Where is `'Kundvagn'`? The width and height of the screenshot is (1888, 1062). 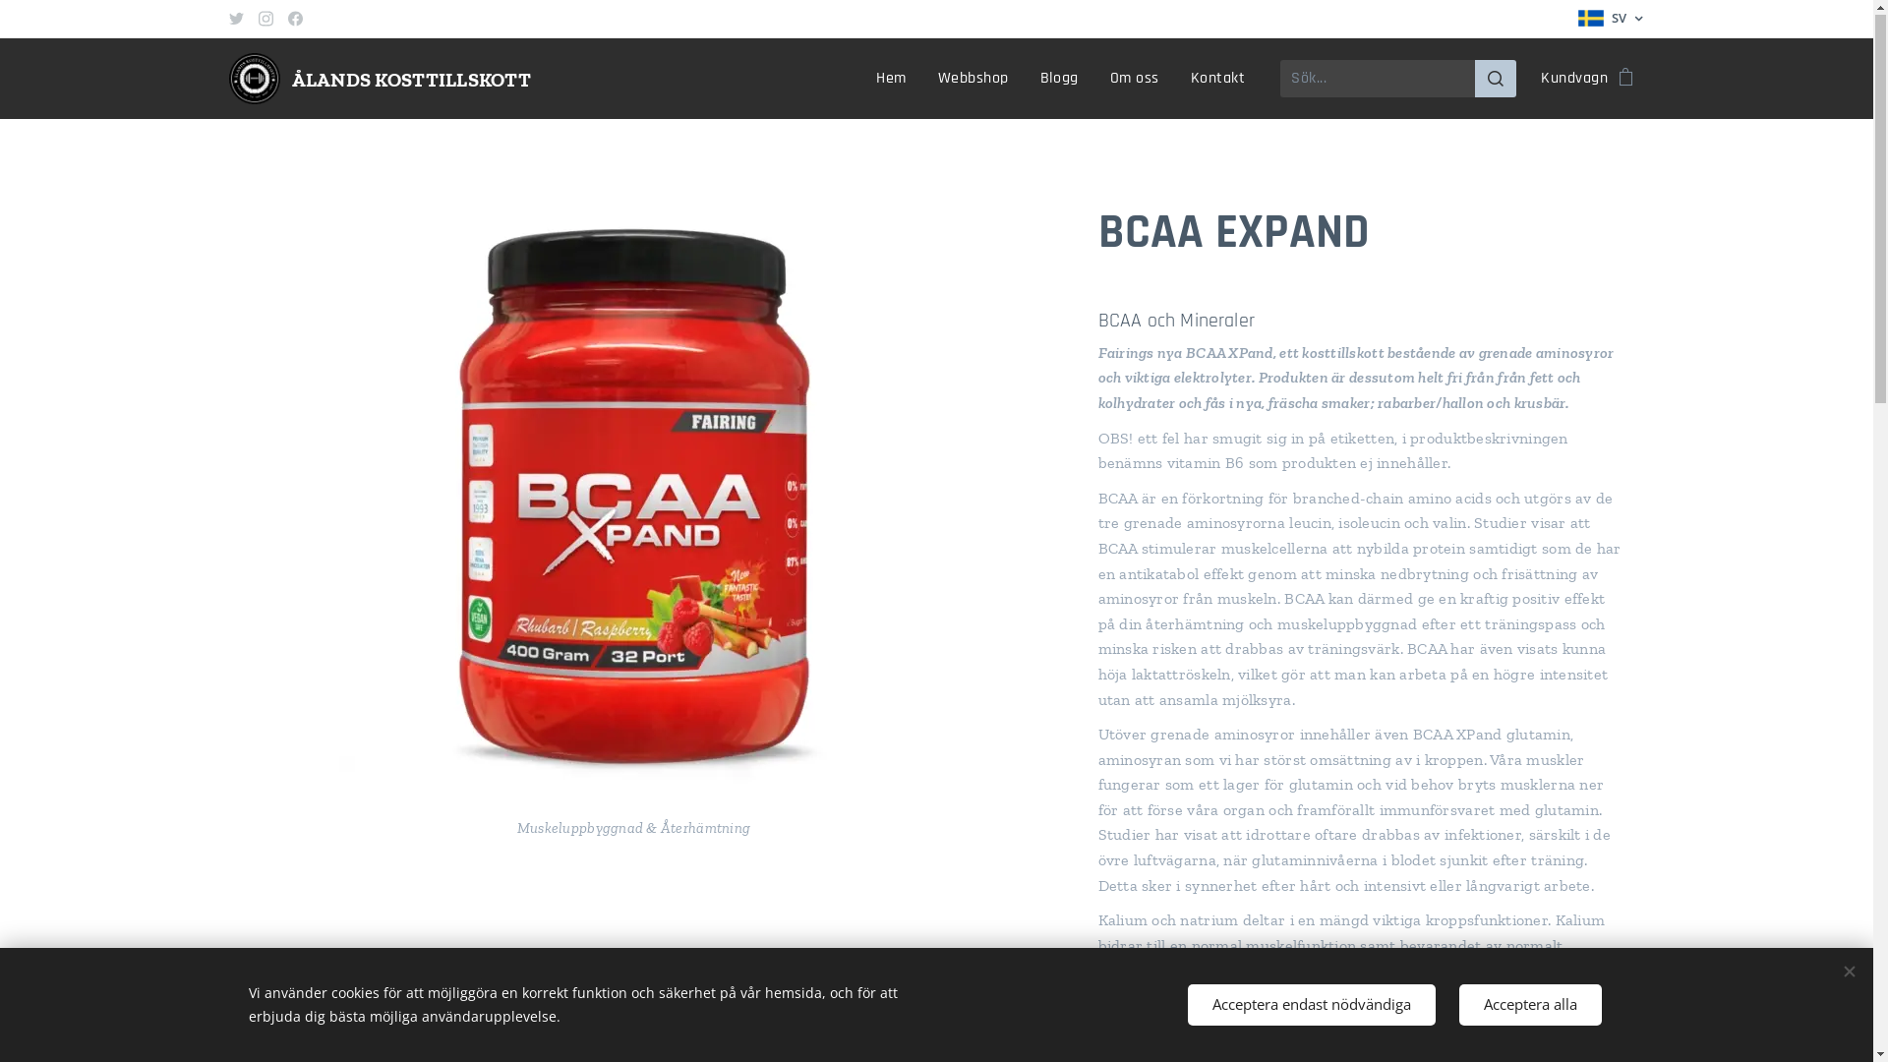
'Kundvagn' is located at coordinates (1580, 79).